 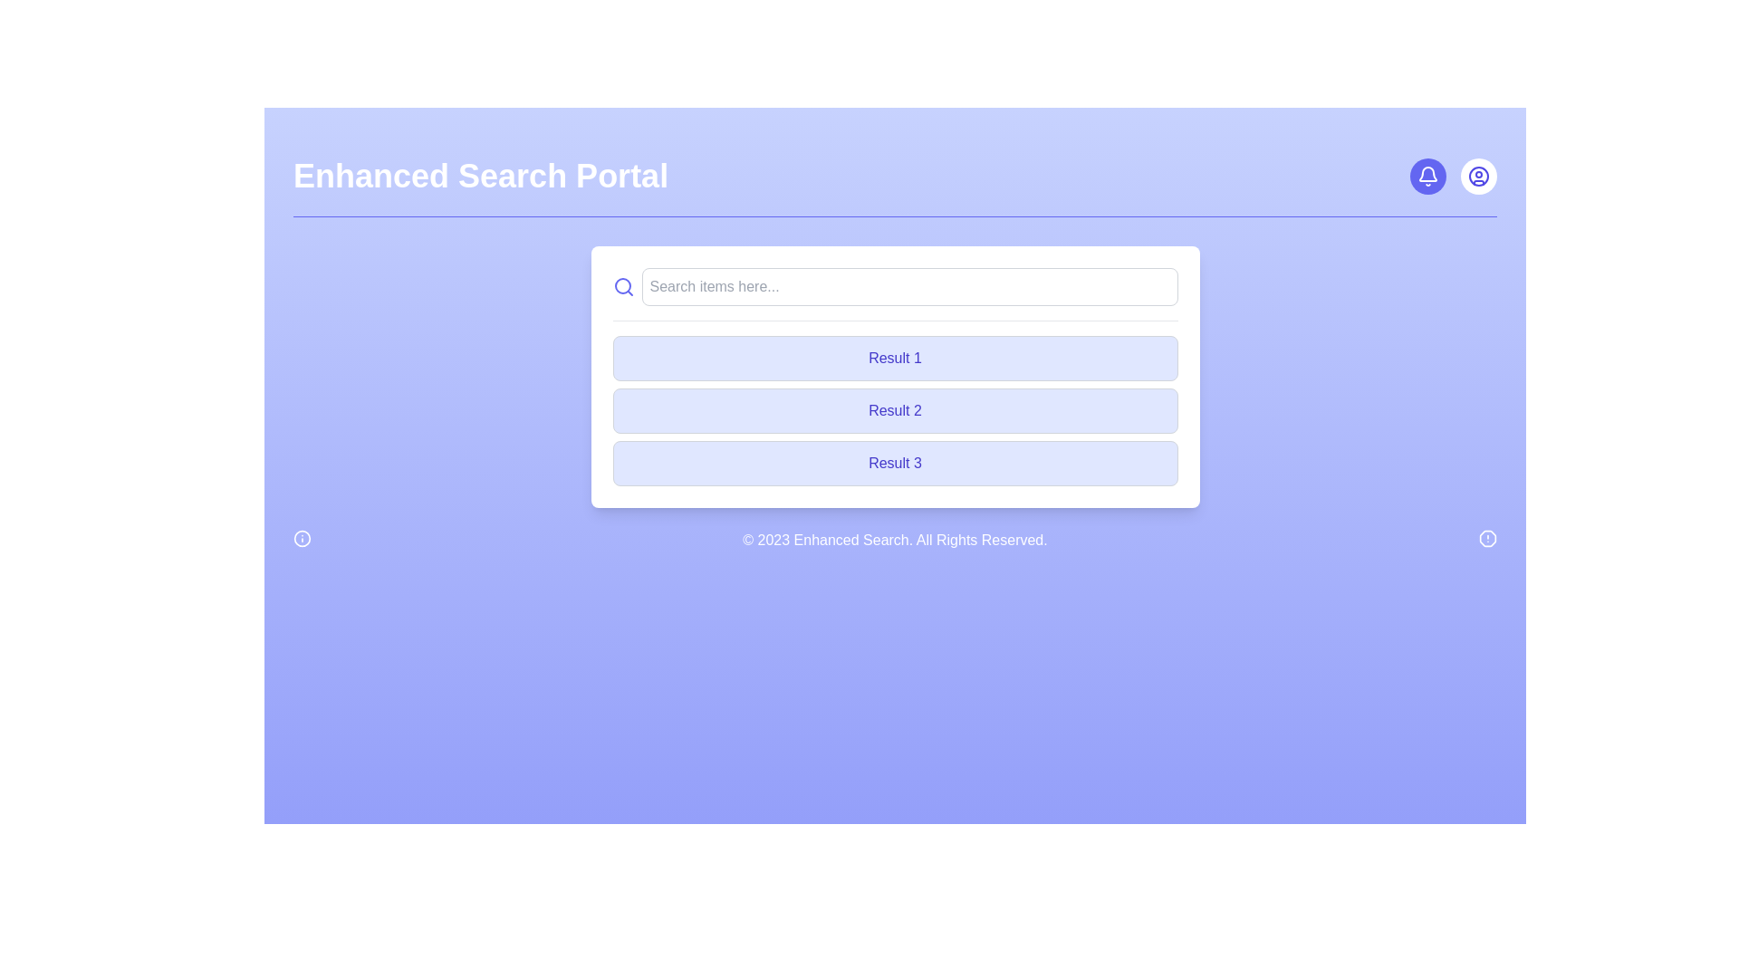 What do you see at coordinates (481, 177) in the screenshot?
I see `the title label located in the top-left corner of the application, which serves as the main identifier for the portal` at bounding box center [481, 177].